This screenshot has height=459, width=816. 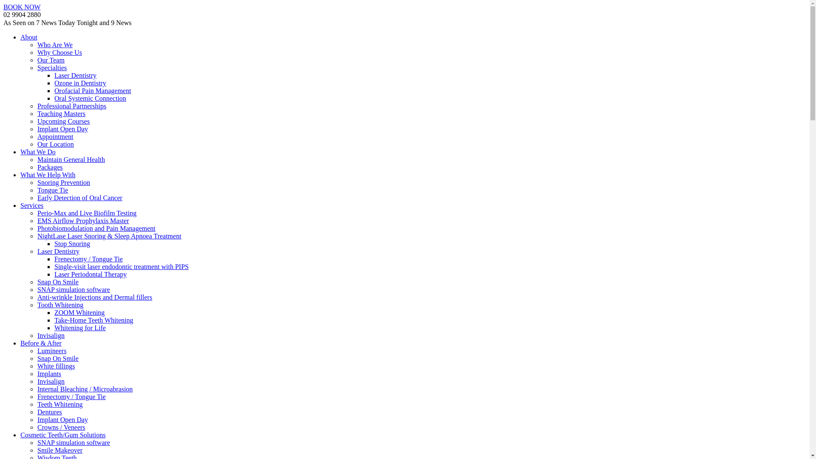 What do you see at coordinates (22, 14) in the screenshot?
I see `'02 9904 2880'` at bounding box center [22, 14].